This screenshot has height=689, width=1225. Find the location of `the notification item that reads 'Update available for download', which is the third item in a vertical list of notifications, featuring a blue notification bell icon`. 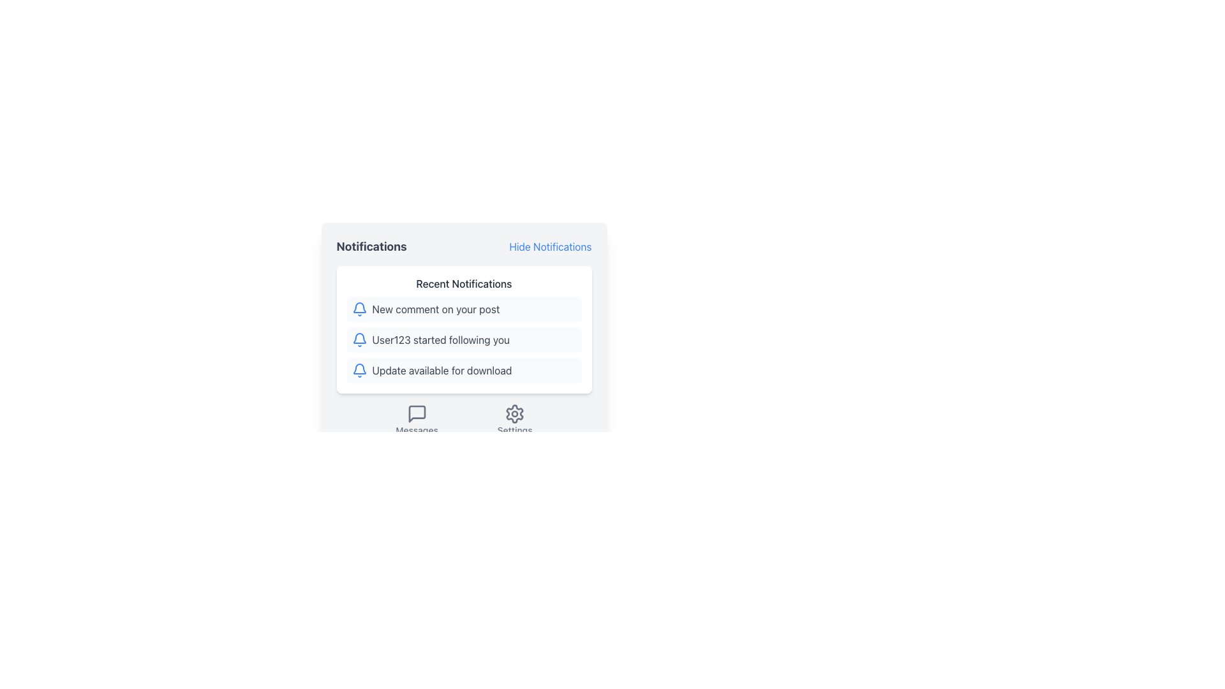

the notification item that reads 'Update available for download', which is the third item in a vertical list of notifications, featuring a blue notification bell icon is located at coordinates (463, 371).